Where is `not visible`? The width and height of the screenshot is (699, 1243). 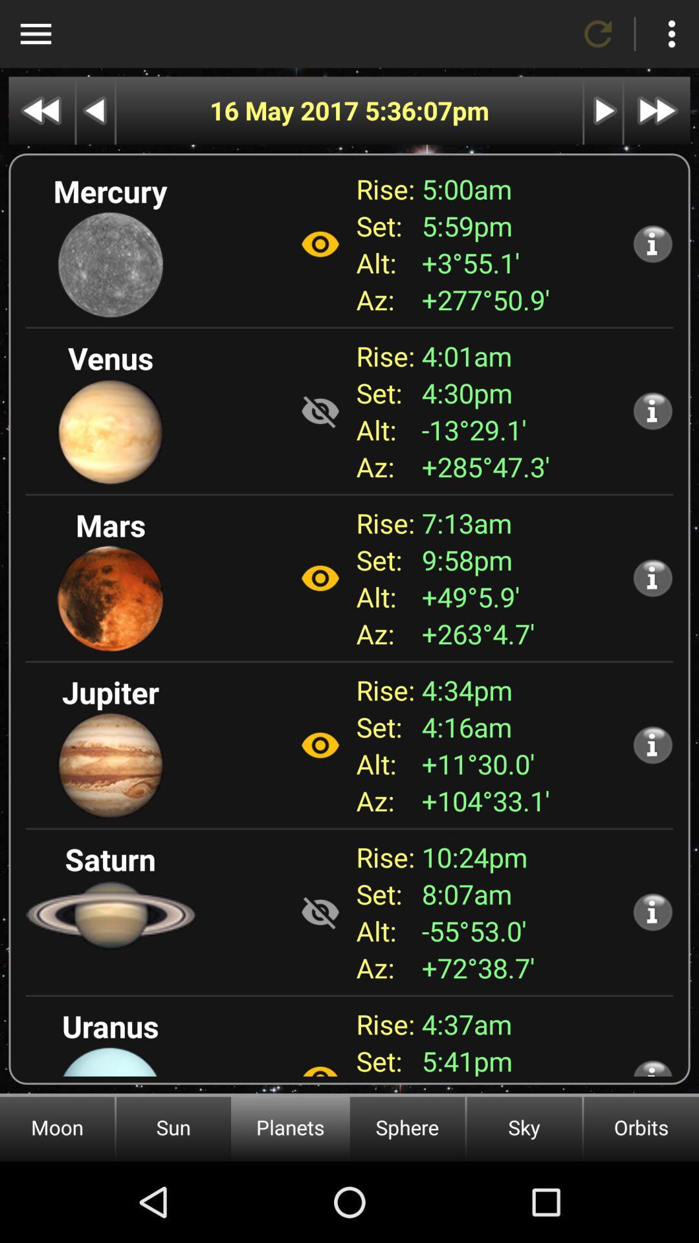
not visible is located at coordinates (320, 410).